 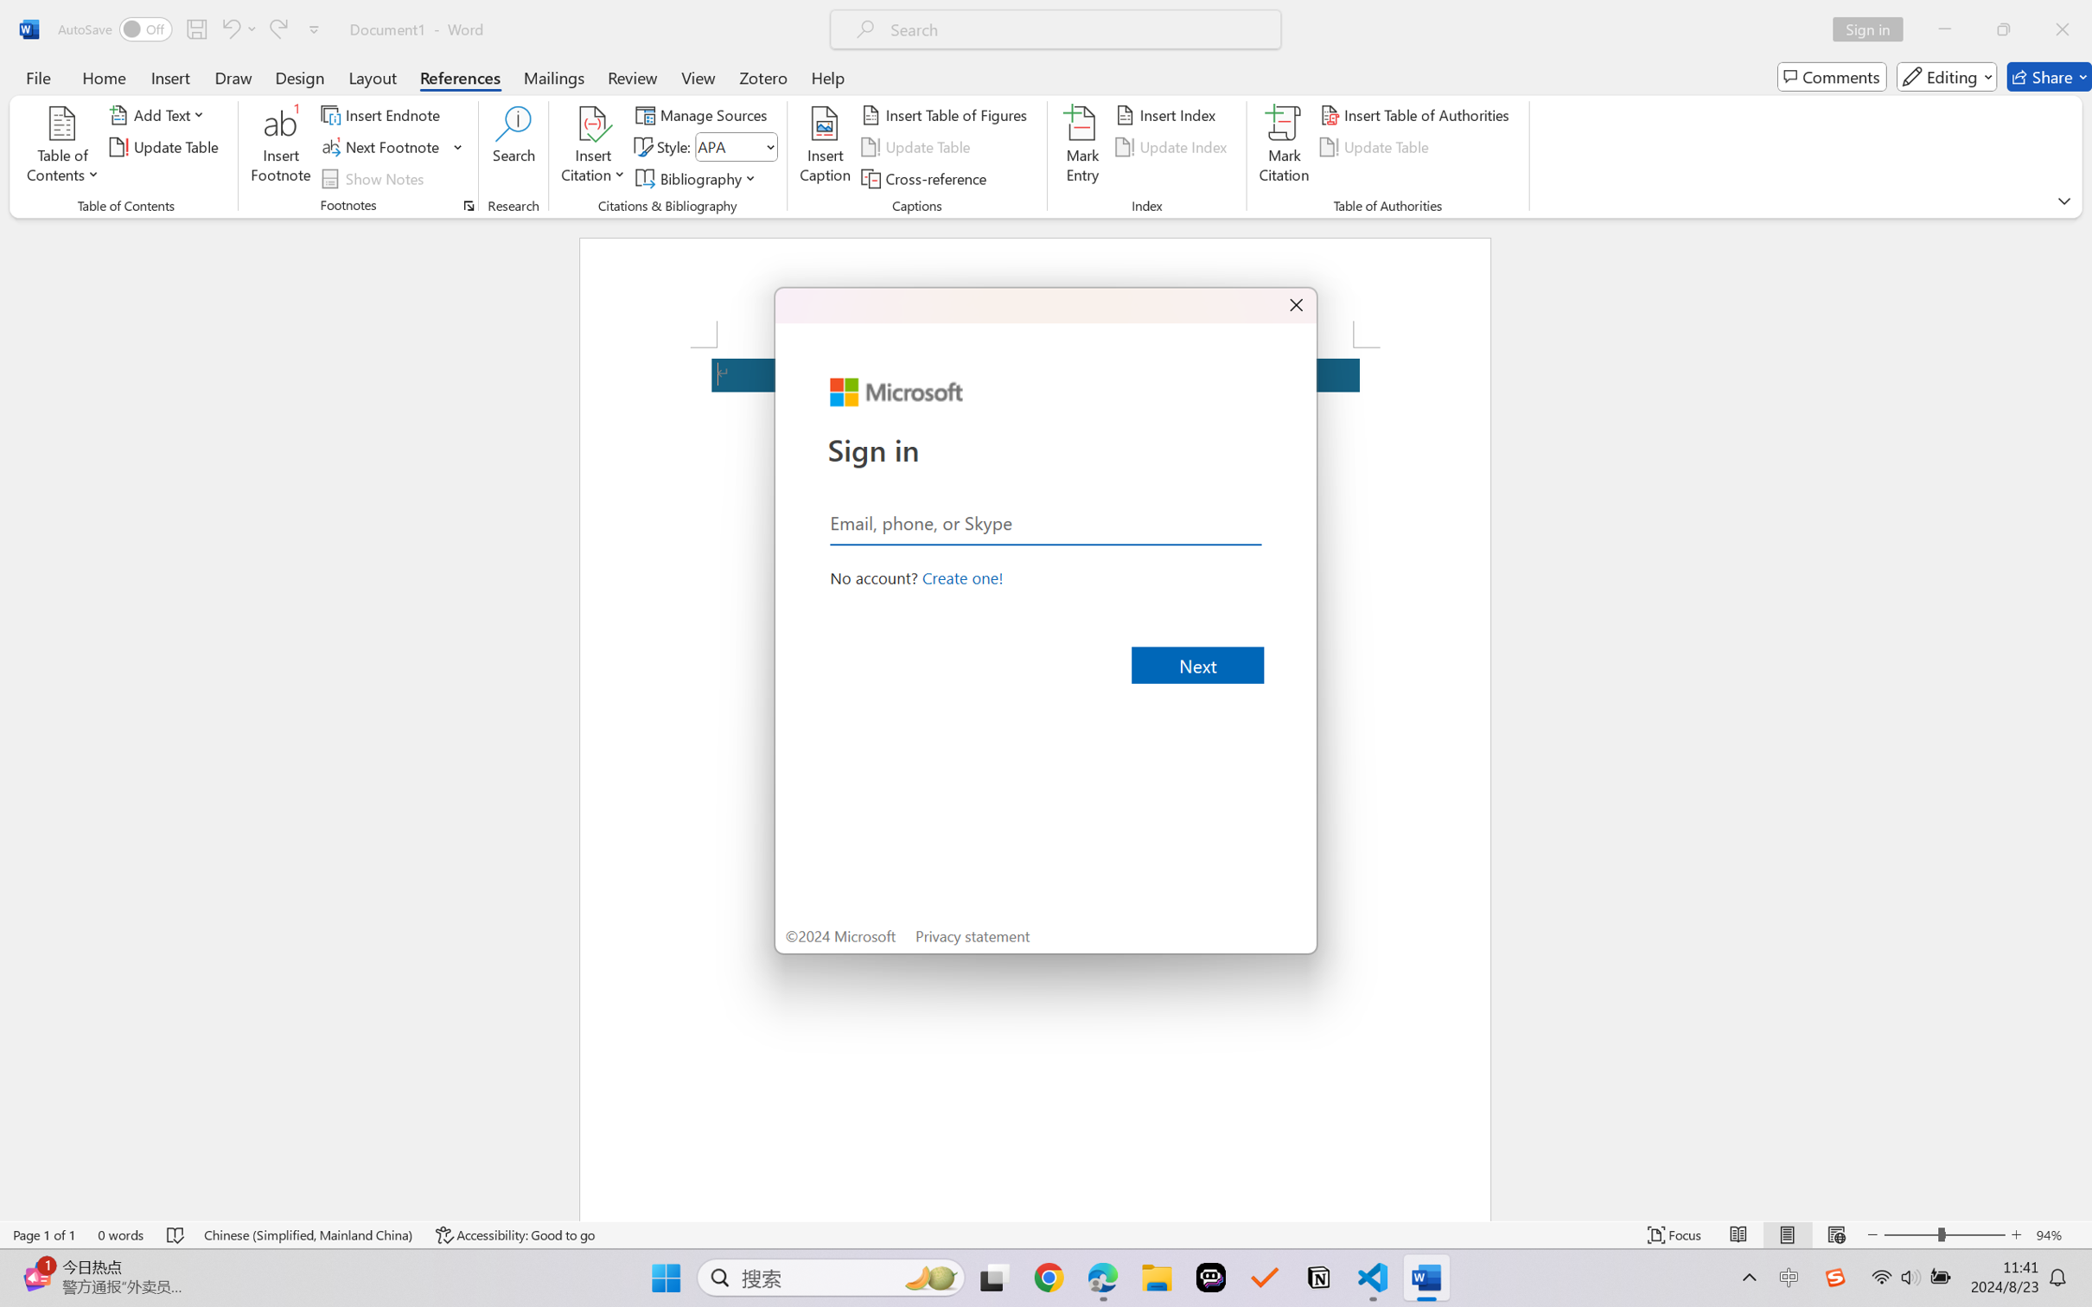 What do you see at coordinates (381, 147) in the screenshot?
I see `'Next Footnote'` at bounding box center [381, 147].